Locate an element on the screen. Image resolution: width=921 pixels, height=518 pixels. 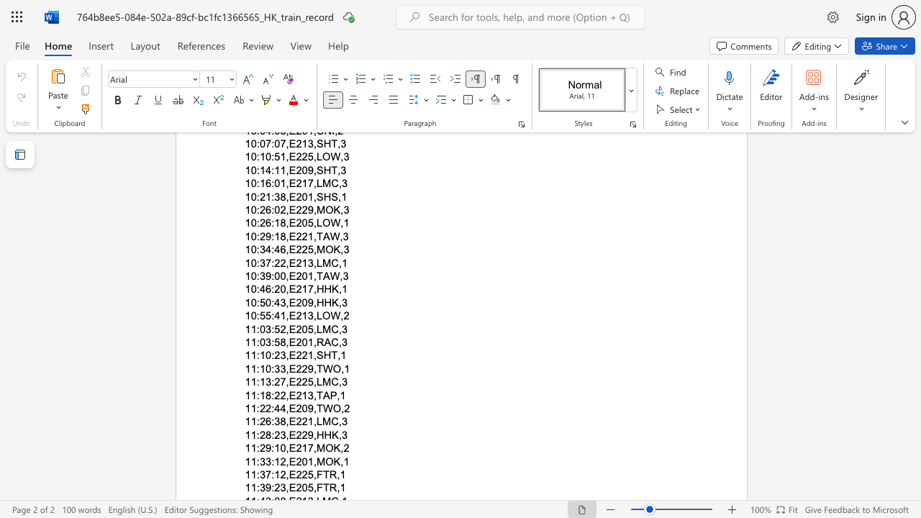
the space between the continuous character "2" and ":" in the text is located at coordinates (271, 409).